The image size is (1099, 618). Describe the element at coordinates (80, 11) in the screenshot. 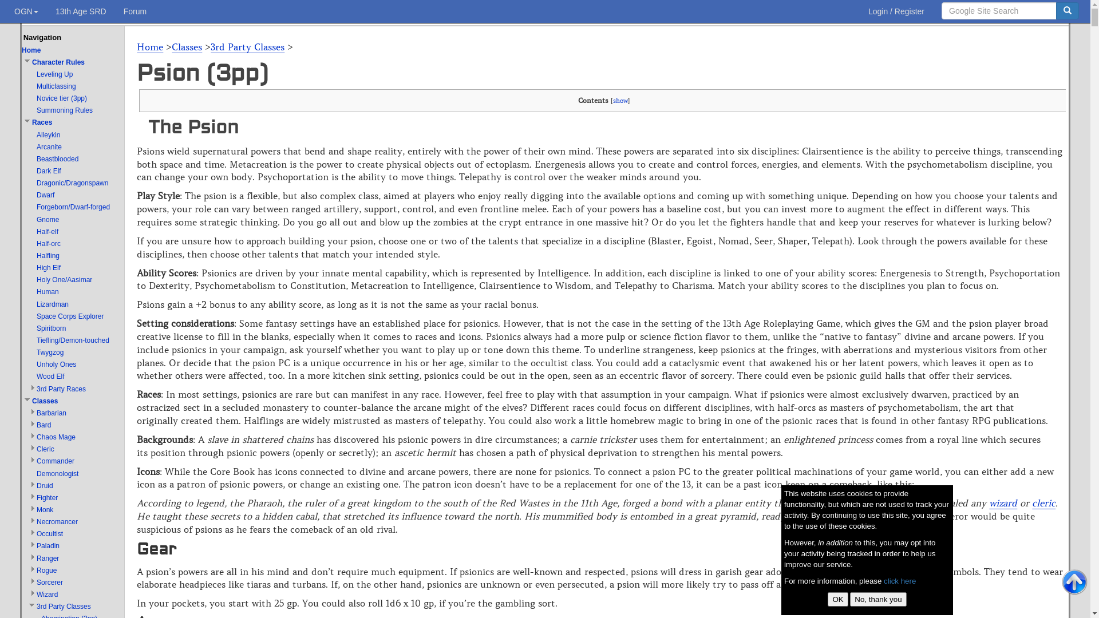

I see `'13th Age SRD'` at that location.